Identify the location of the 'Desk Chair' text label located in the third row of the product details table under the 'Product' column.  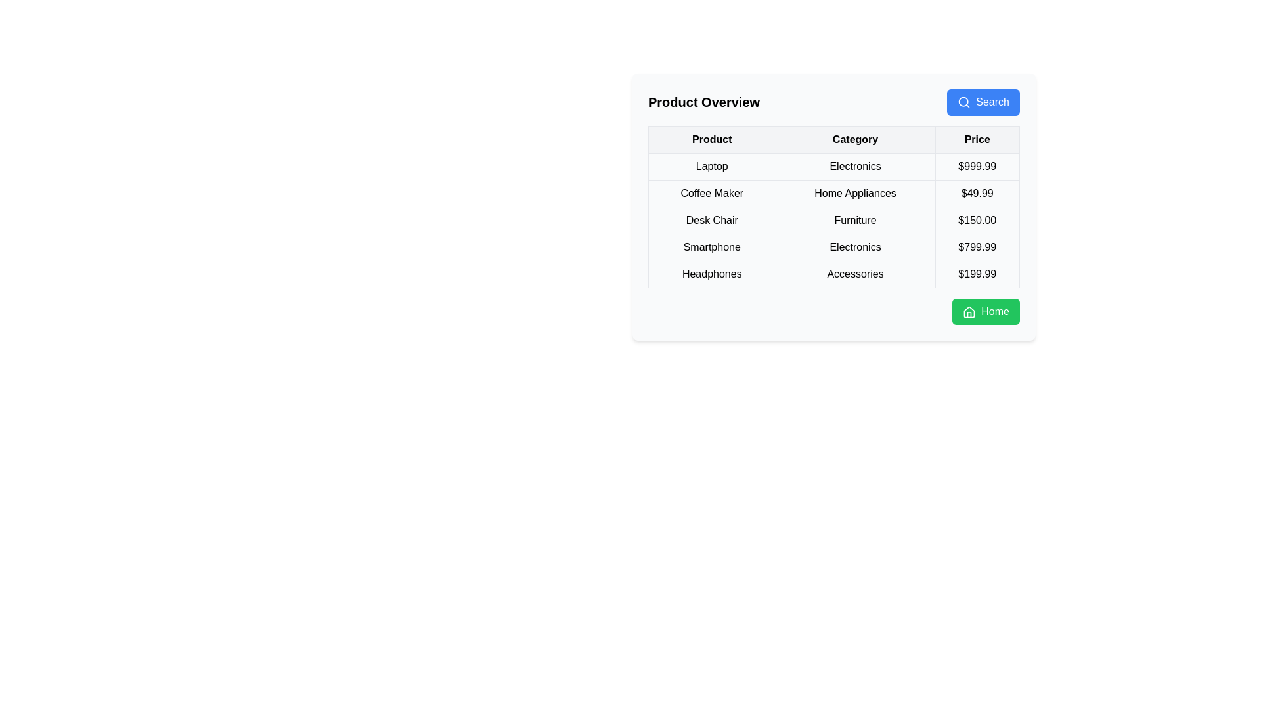
(711, 219).